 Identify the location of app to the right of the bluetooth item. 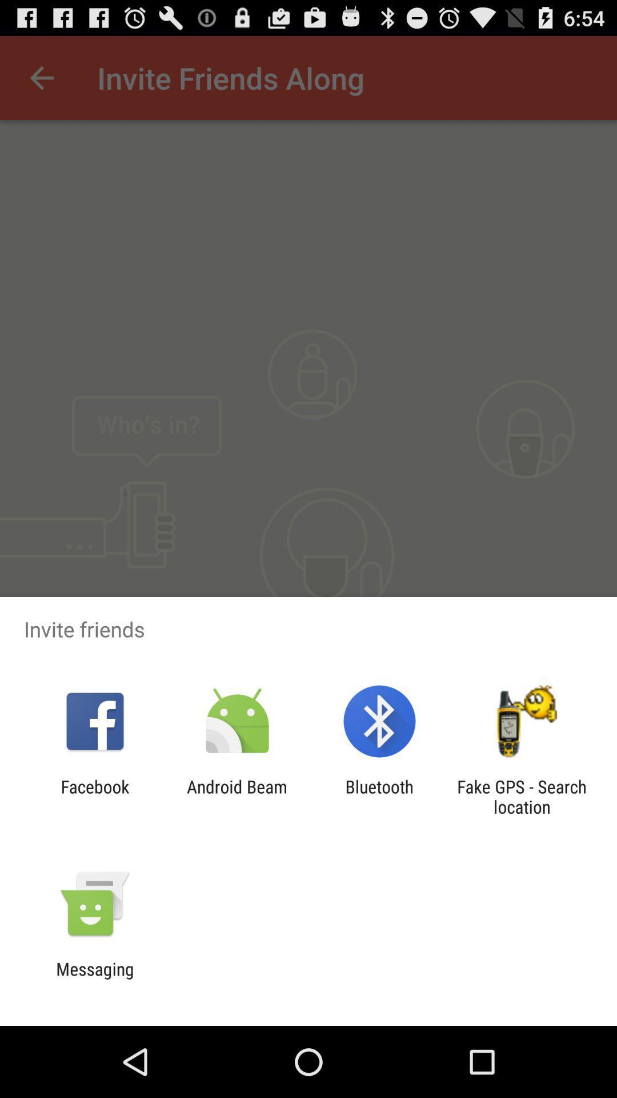
(522, 796).